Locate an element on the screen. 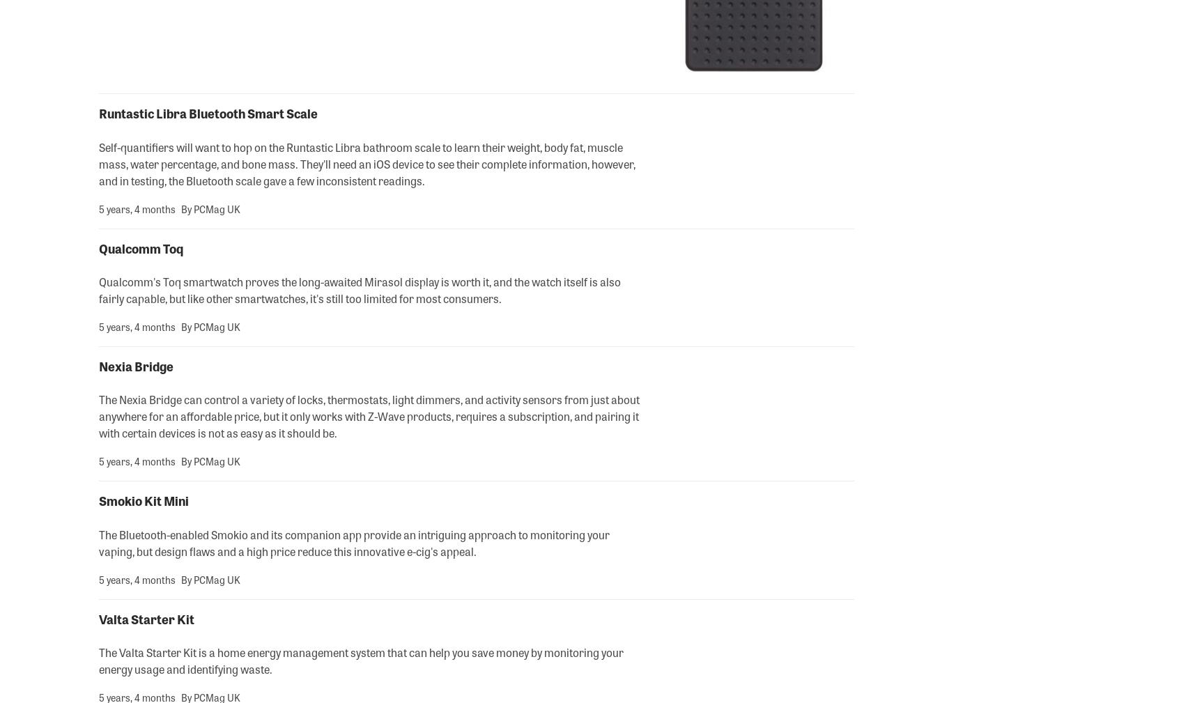  'The Bluetooth-enabled Smokio and its companion app provide an intriguing approach to monitoring your vaping, but design flaws and a high price reduce this innovative e-cig's appeal.' is located at coordinates (354, 542).